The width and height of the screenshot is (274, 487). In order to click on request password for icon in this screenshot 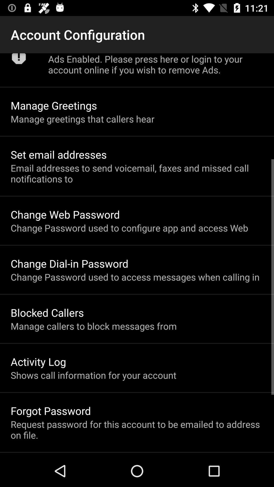, I will do `click(137, 429)`.